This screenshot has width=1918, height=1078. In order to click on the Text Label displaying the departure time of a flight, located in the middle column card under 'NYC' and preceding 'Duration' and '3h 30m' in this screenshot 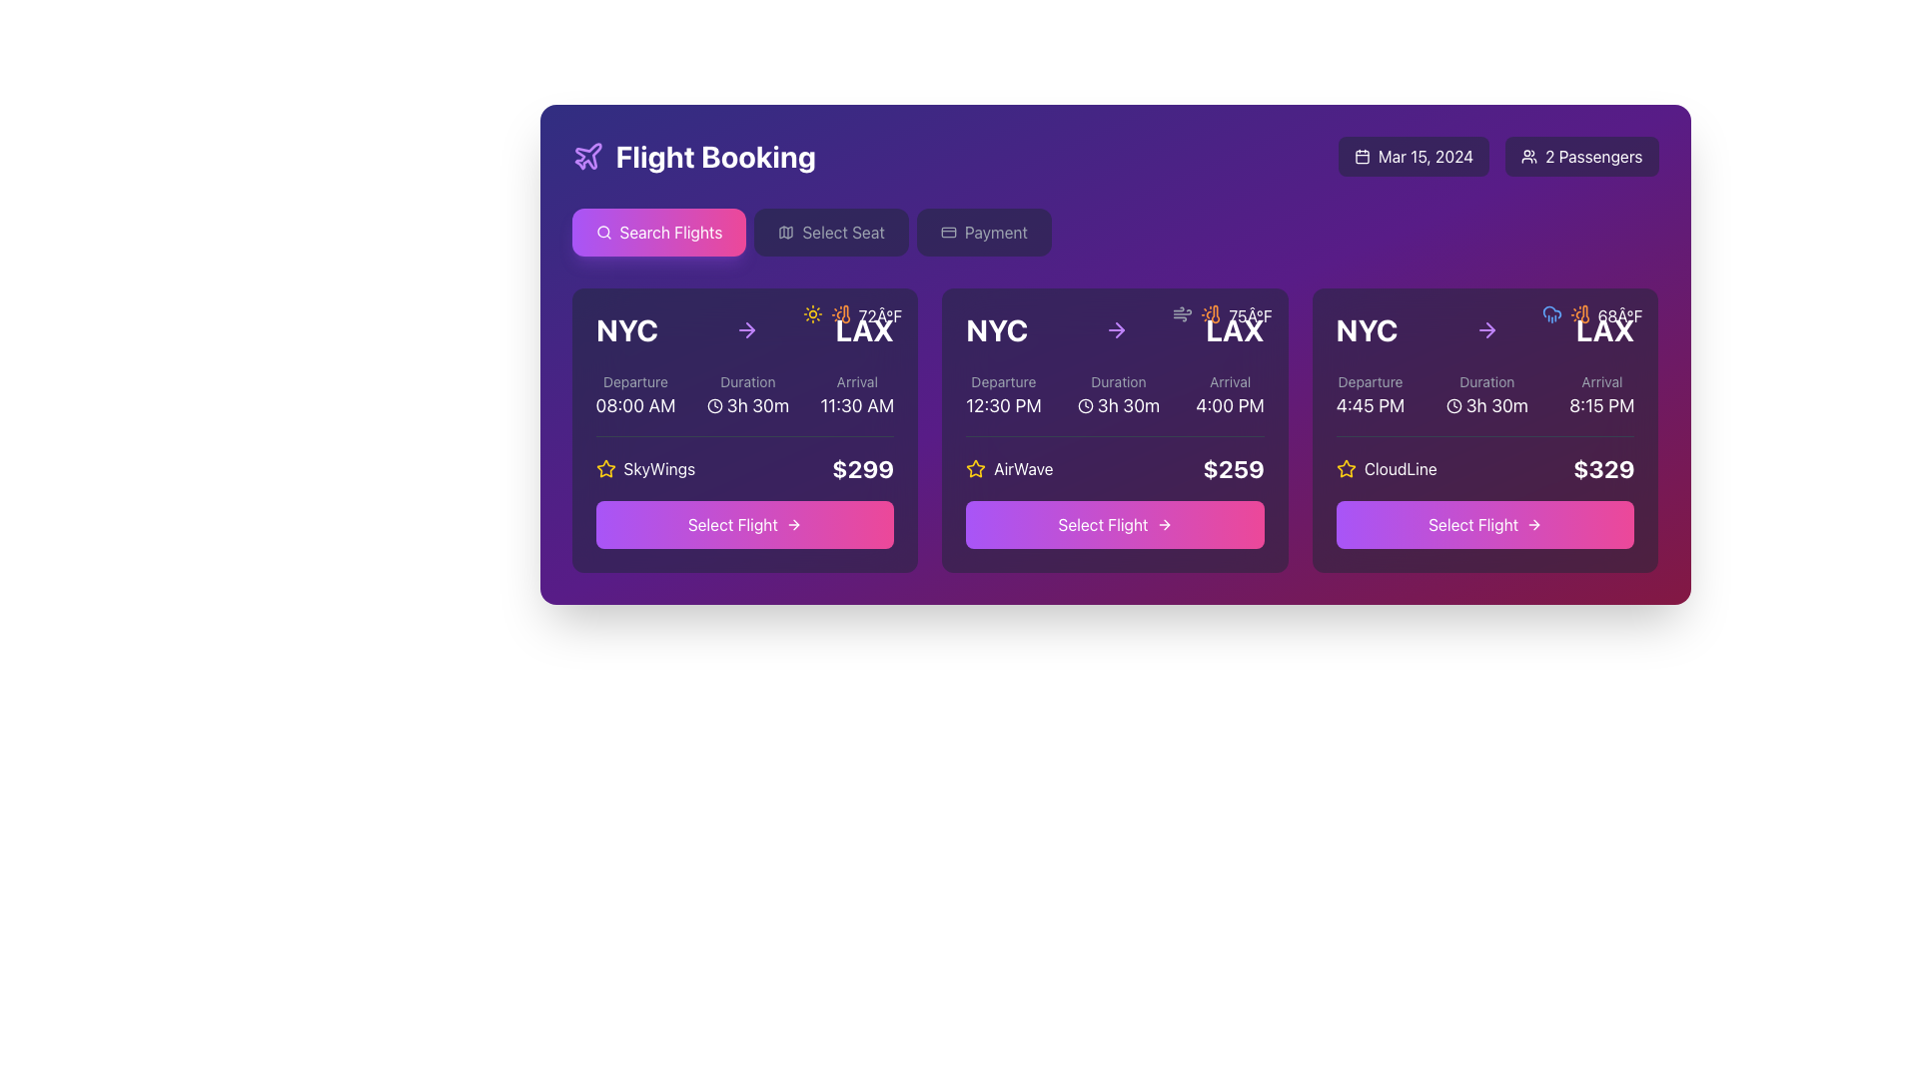, I will do `click(1003, 396)`.